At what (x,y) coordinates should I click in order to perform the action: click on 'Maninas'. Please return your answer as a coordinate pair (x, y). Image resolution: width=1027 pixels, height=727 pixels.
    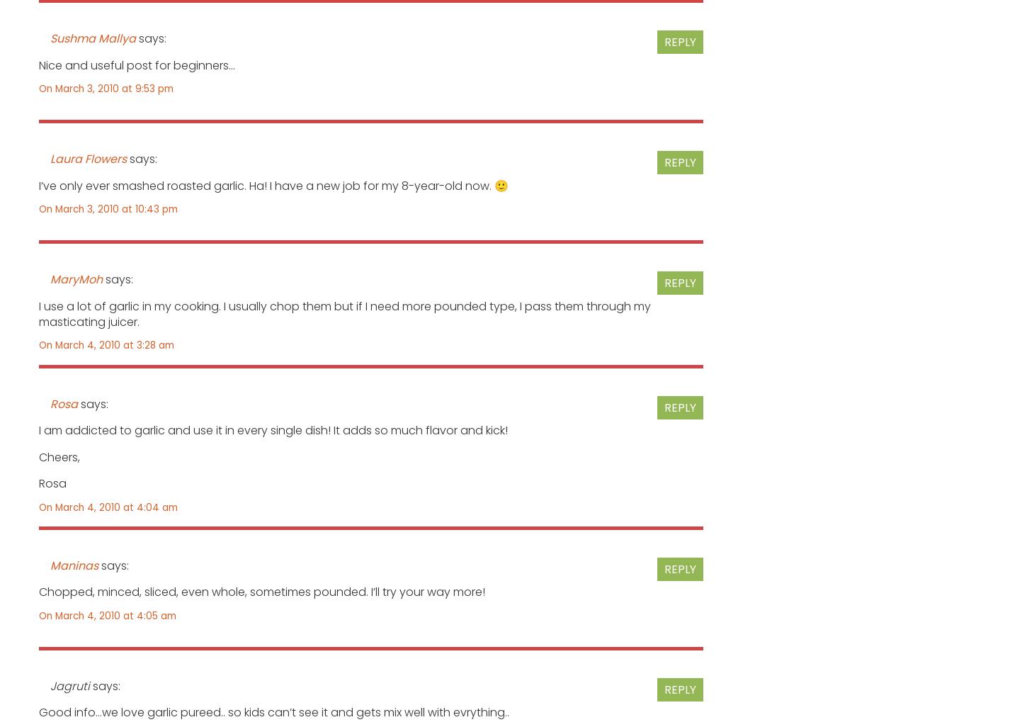
    Looking at the image, I should click on (74, 565).